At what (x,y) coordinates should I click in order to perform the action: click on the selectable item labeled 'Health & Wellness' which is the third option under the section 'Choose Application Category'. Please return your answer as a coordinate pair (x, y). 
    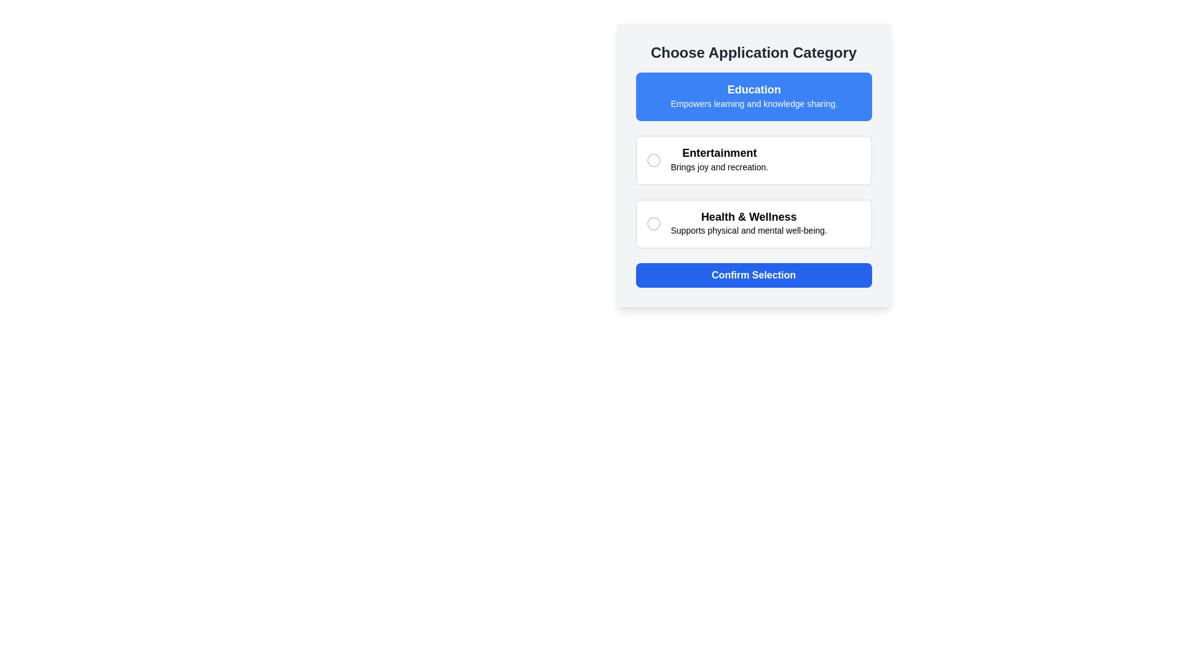
    Looking at the image, I should click on (753, 224).